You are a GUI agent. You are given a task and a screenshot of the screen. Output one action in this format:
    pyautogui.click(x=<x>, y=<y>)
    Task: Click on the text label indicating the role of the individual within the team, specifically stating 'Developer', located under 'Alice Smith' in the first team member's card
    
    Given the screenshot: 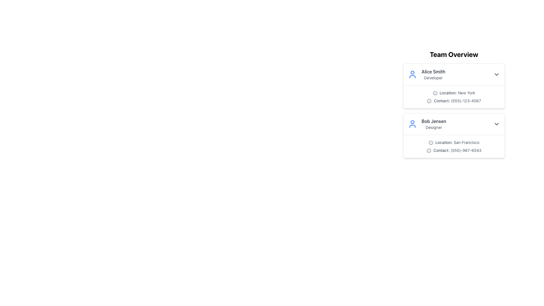 What is the action you would take?
    pyautogui.click(x=433, y=78)
    